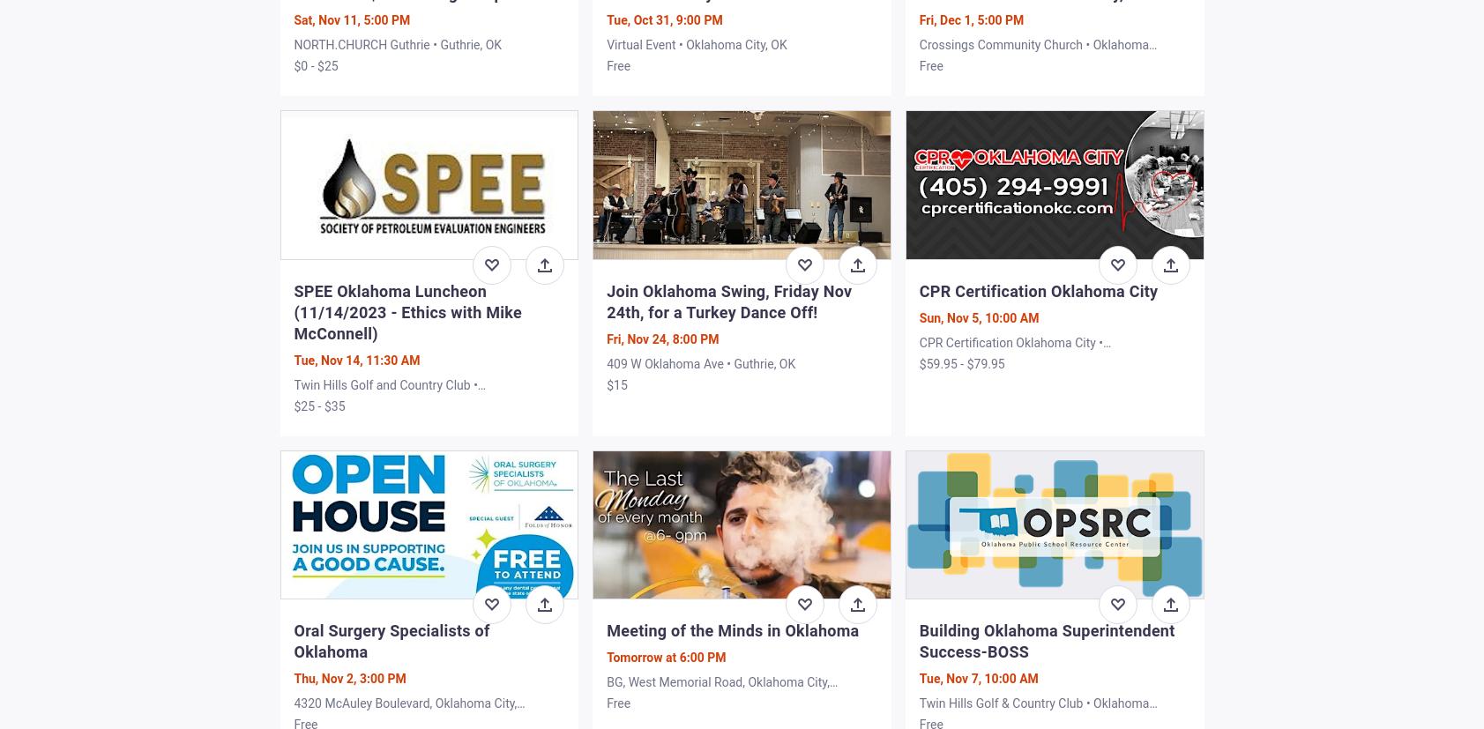 The image size is (1484, 729). What do you see at coordinates (918, 290) in the screenshot?
I see `'CPR Certification Oklahoma City'` at bounding box center [918, 290].